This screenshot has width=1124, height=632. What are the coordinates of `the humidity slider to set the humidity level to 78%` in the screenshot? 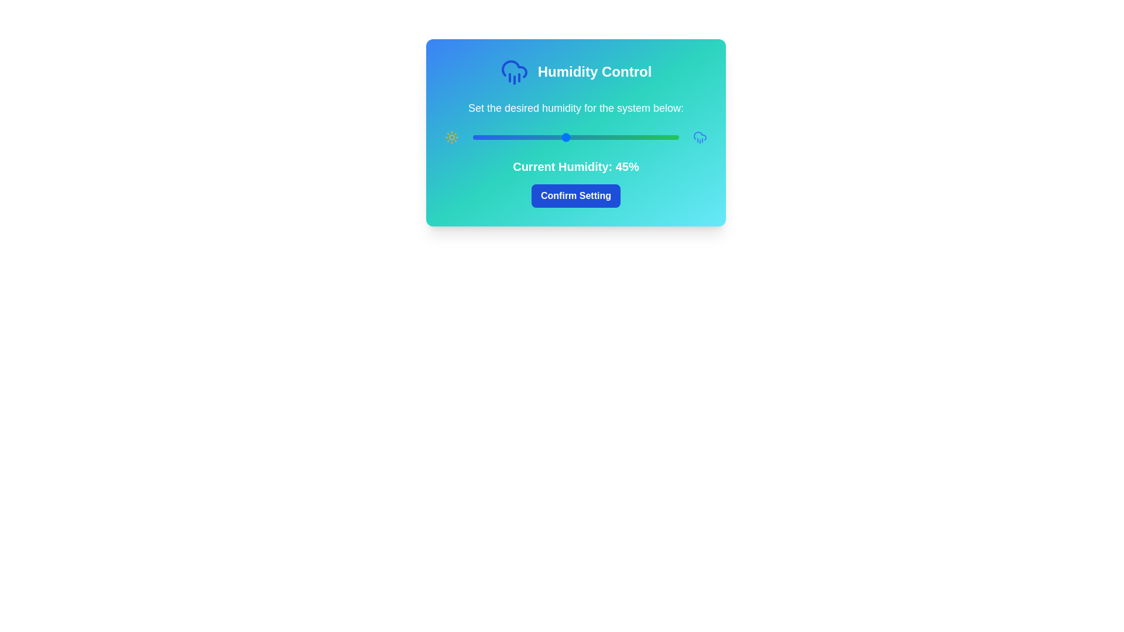 It's located at (633, 137).